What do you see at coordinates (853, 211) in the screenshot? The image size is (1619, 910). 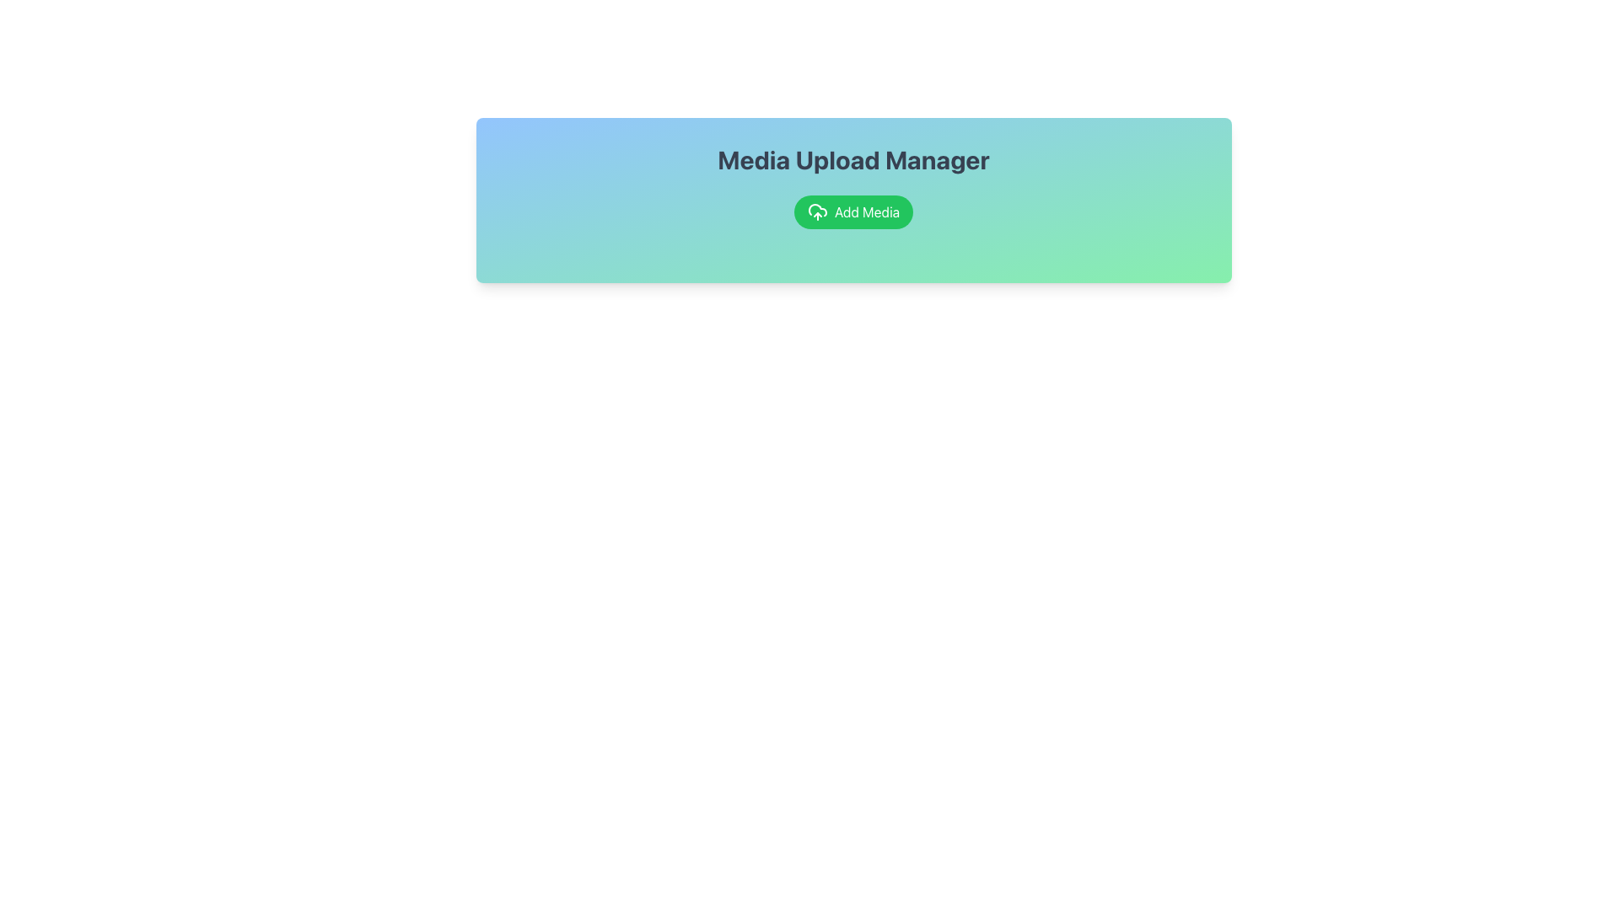 I see `the 'Add Media' button, which has a green background with white text and an upload cloud icon` at bounding box center [853, 211].